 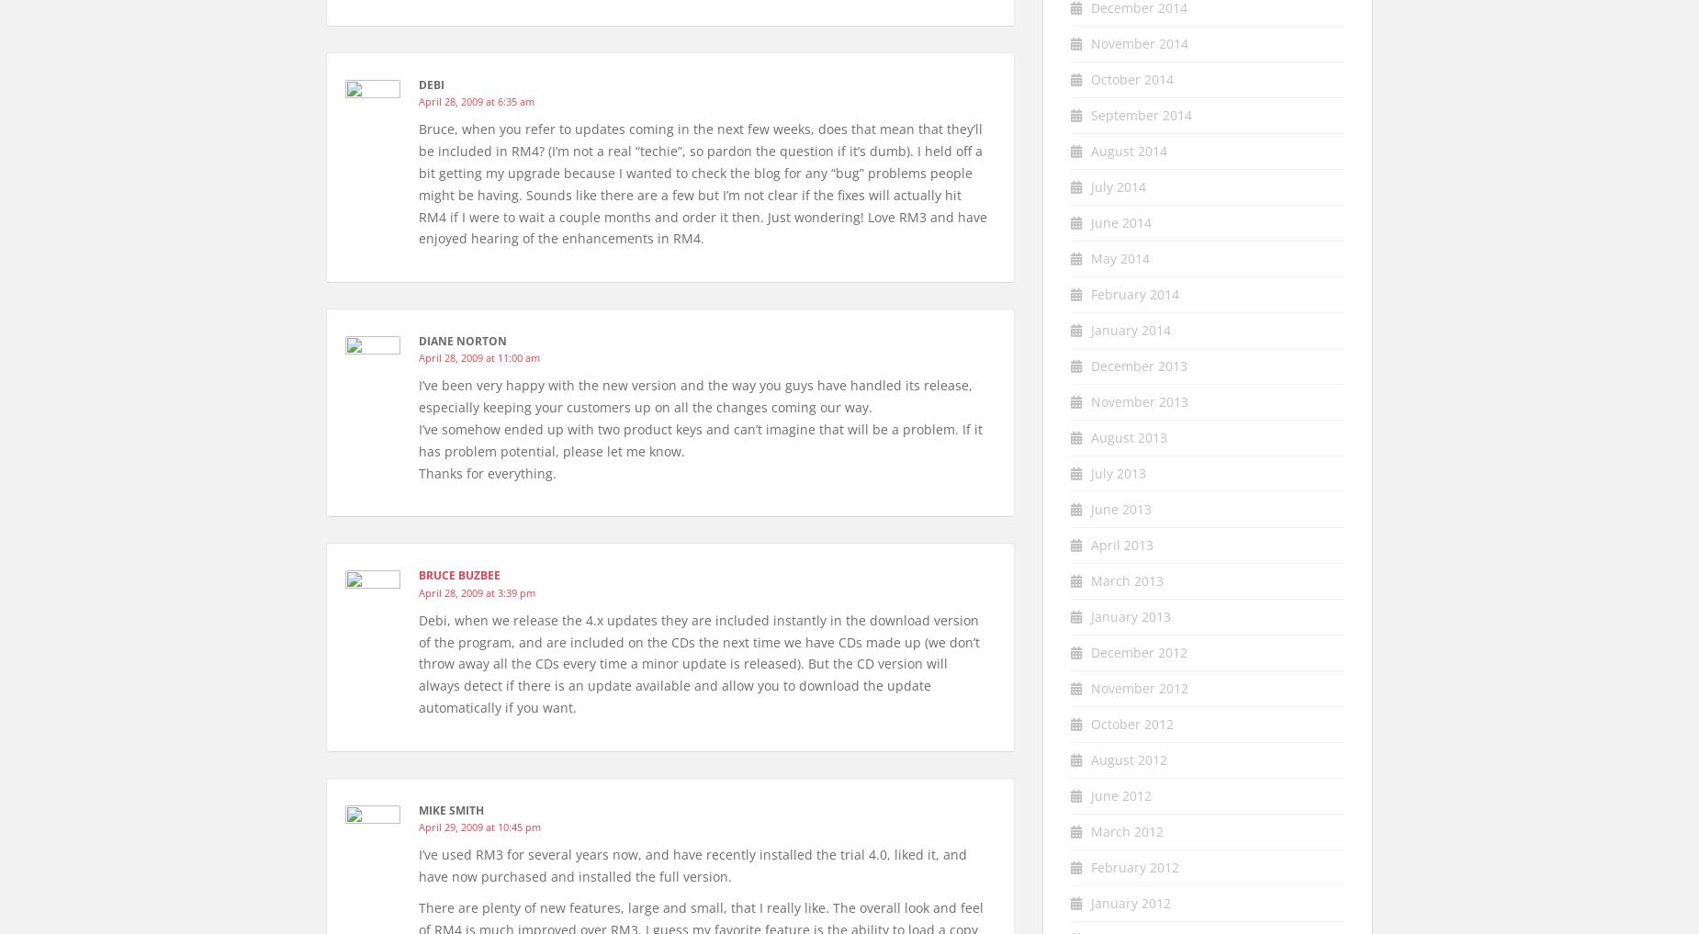 I want to click on 'Mike Smith', so click(x=451, y=809).